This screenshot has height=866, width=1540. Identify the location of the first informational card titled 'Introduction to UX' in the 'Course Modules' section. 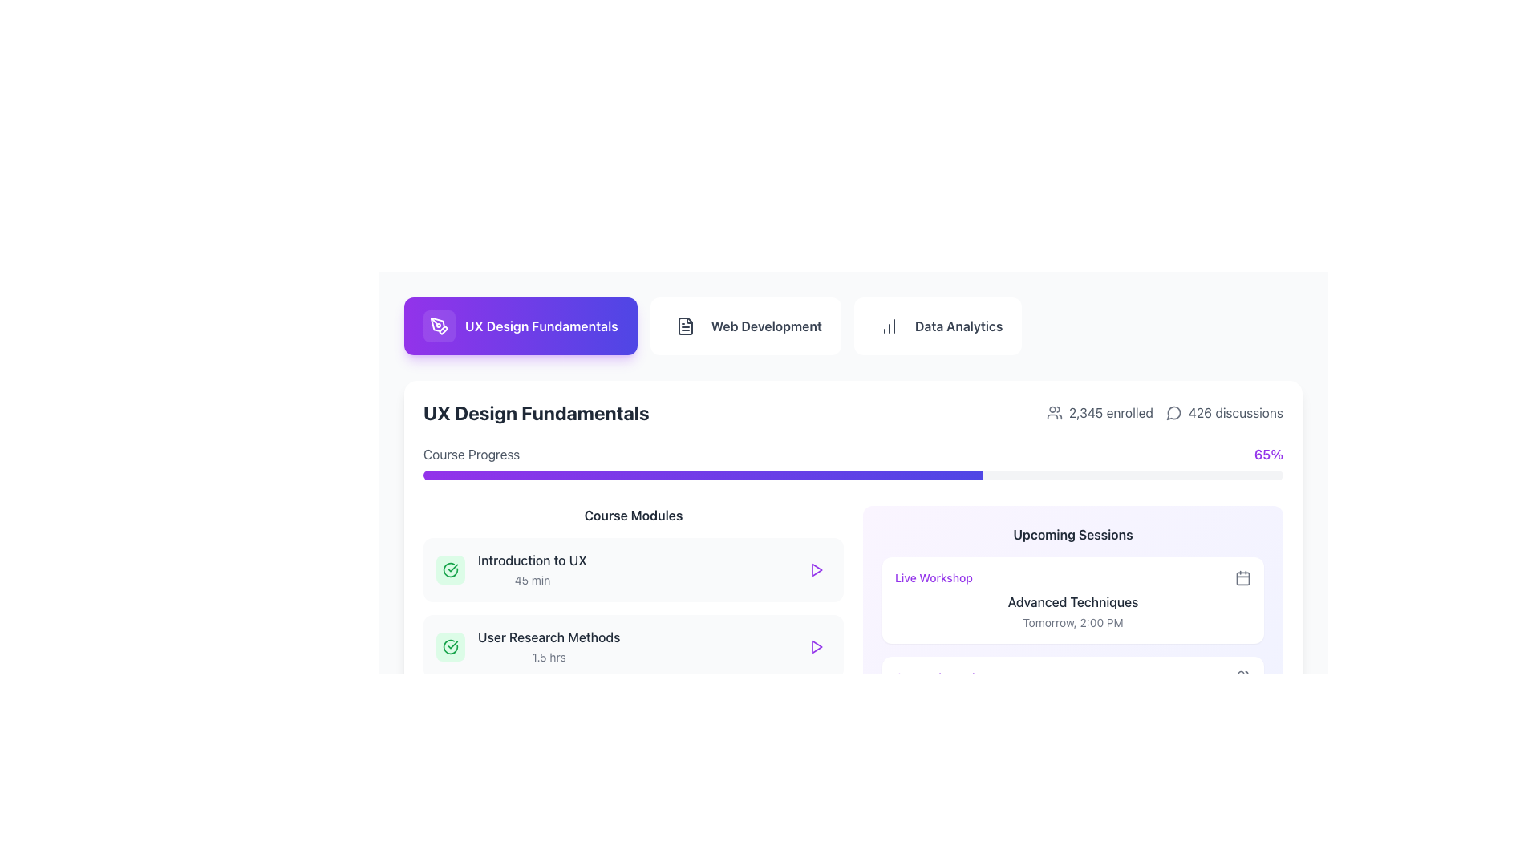
(633, 569).